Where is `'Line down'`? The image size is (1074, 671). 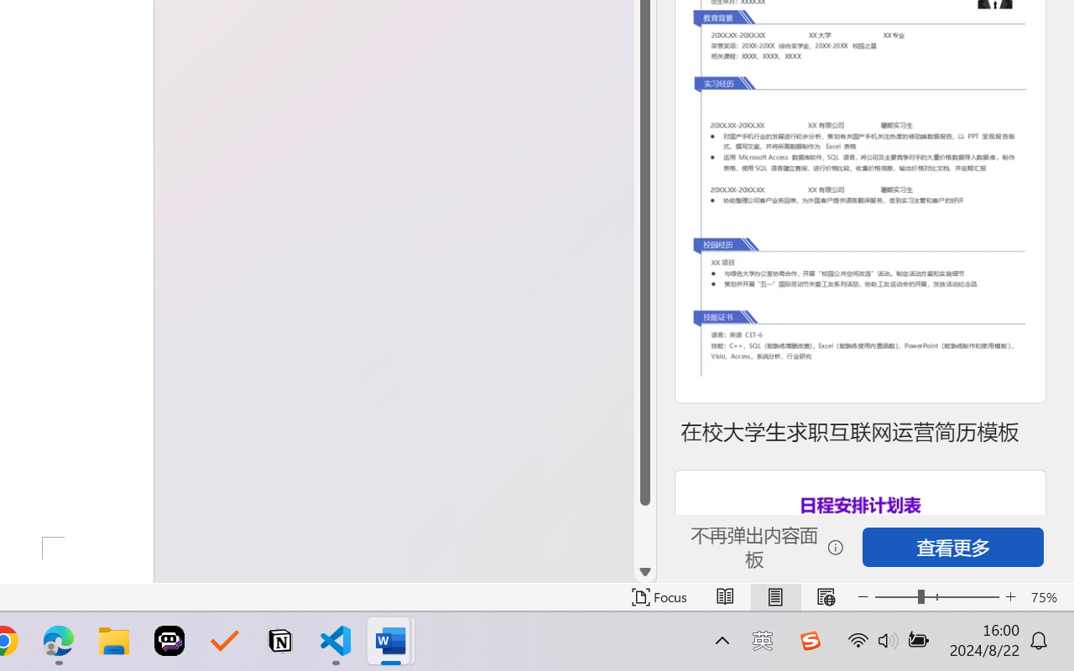 'Line down' is located at coordinates (644, 572).